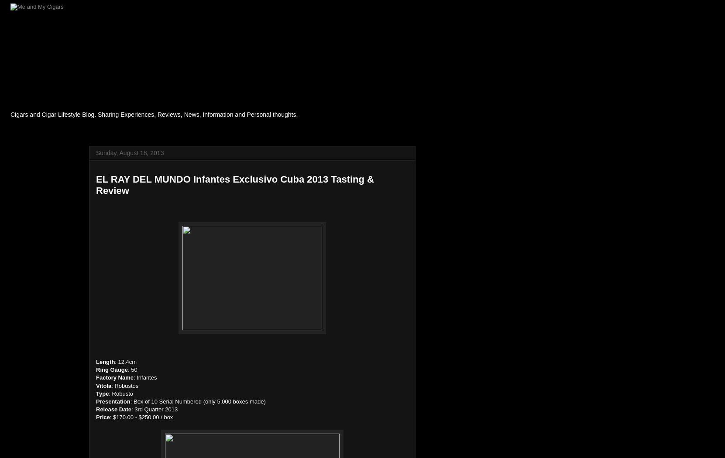 Image resolution: width=725 pixels, height=458 pixels. Describe the element at coordinates (102, 393) in the screenshot. I see `'Type'` at that location.